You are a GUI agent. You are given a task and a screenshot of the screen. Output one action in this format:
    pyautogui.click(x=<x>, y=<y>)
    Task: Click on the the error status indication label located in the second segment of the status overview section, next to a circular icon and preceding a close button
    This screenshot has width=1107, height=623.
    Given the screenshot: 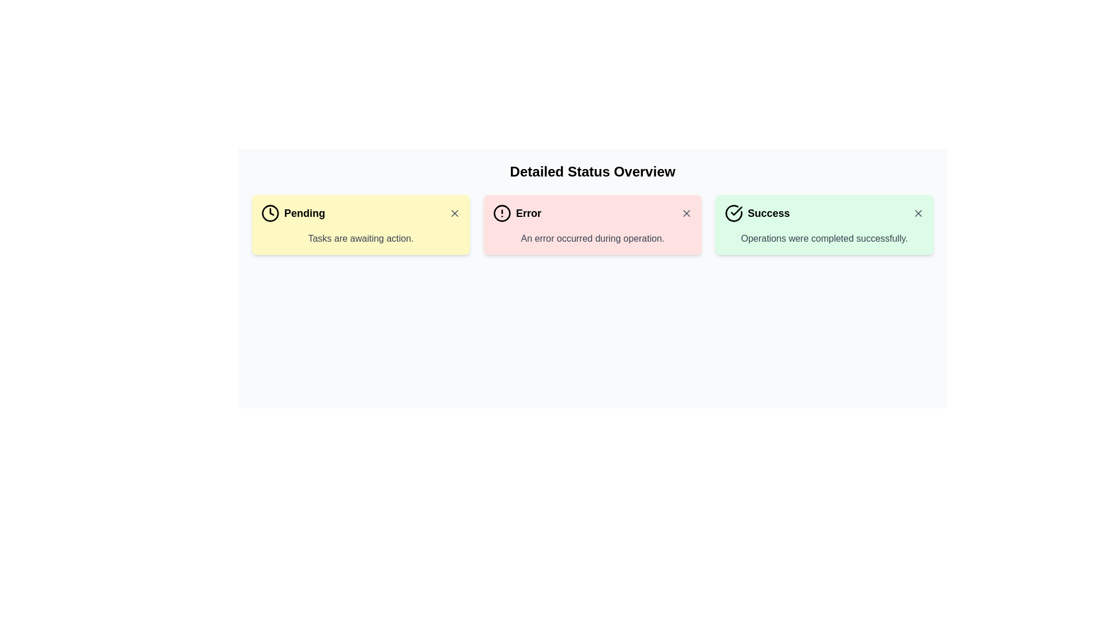 What is the action you would take?
    pyautogui.click(x=517, y=213)
    